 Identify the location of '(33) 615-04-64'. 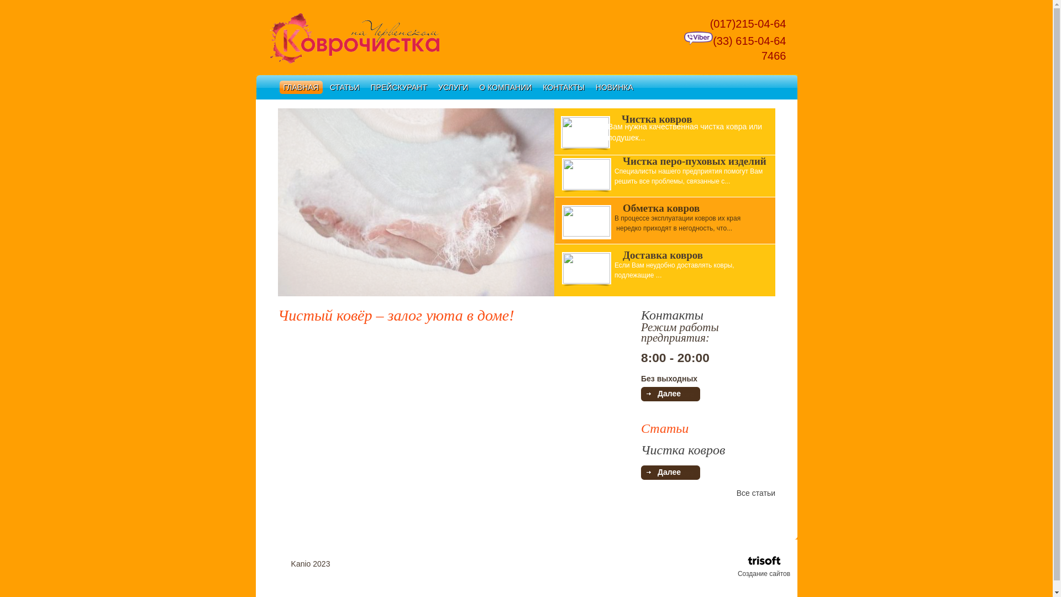
(734, 40).